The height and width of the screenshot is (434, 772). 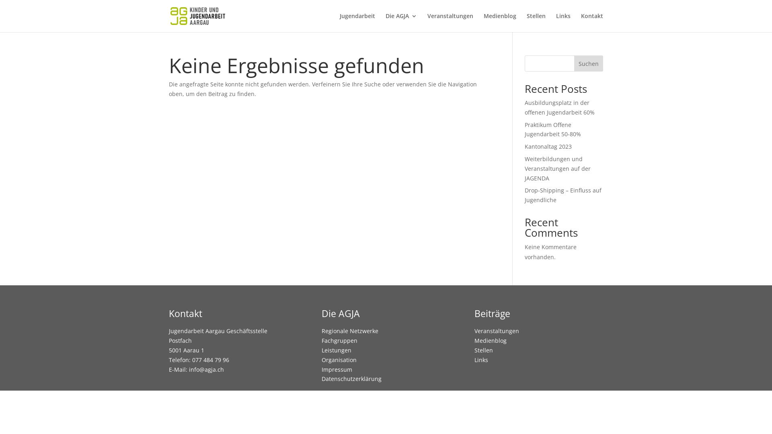 I want to click on 'info@agja.ch', so click(x=206, y=369).